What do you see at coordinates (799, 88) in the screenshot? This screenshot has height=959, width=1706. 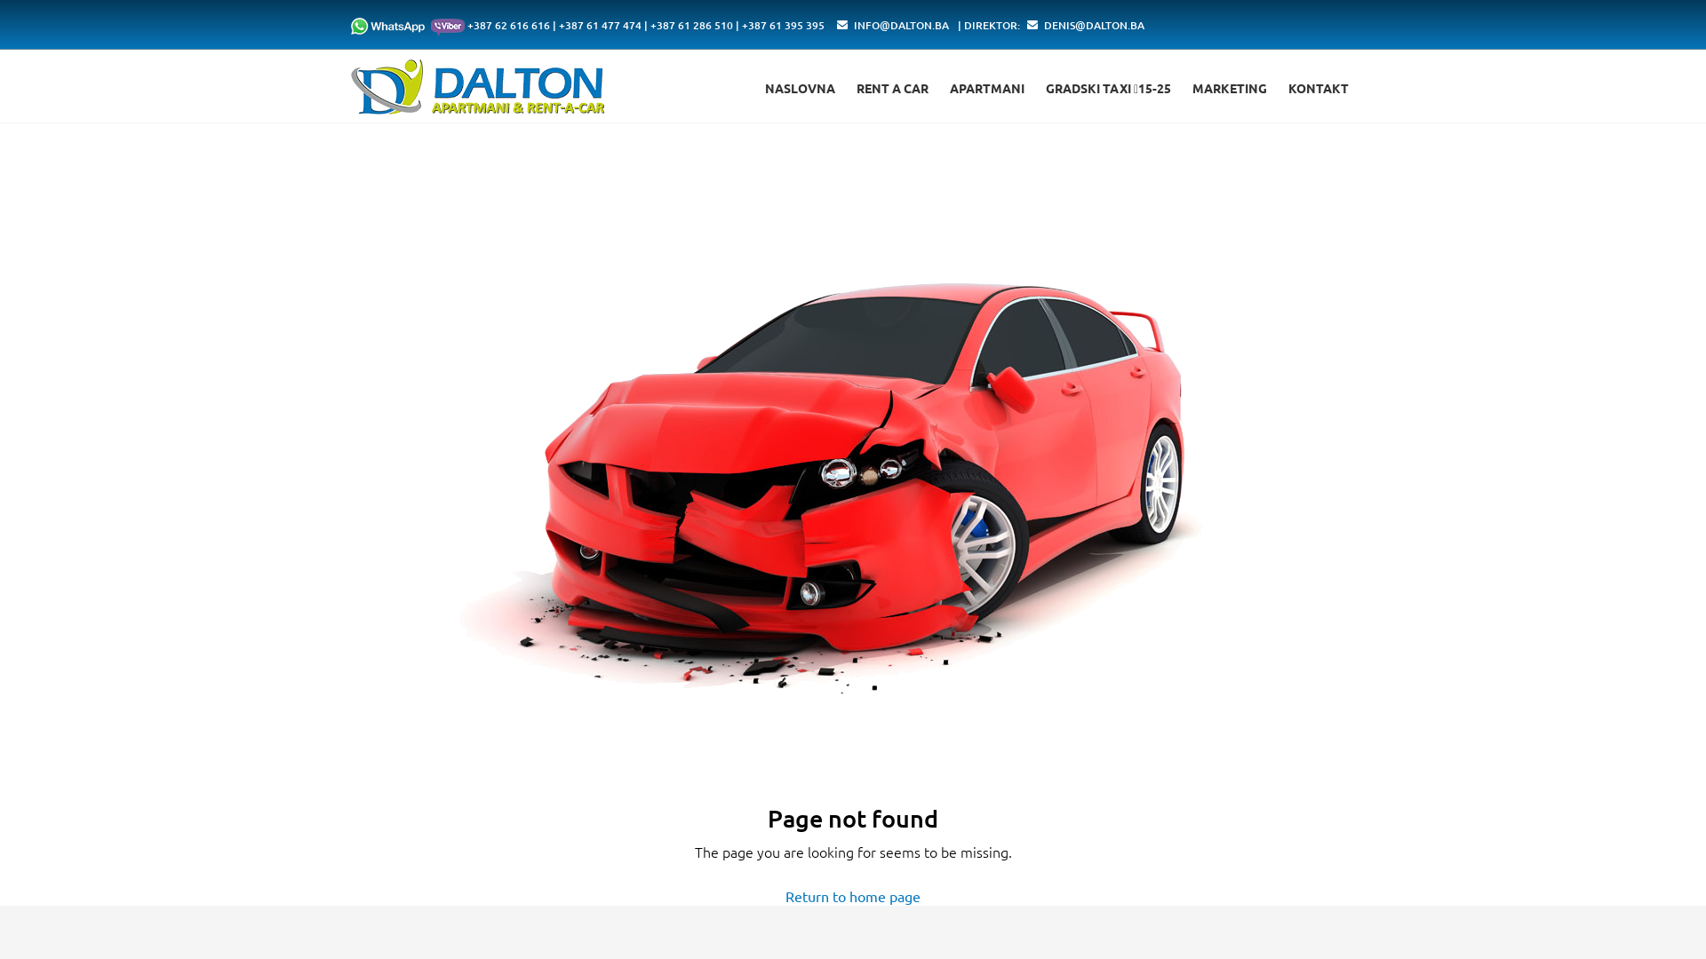 I see `'NASLOVNA'` at bounding box center [799, 88].